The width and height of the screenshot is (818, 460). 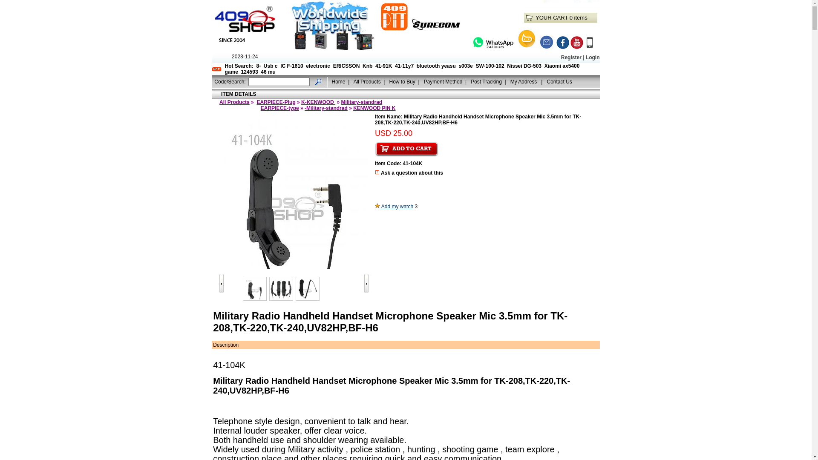 What do you see at coordinates (388, 81) in the screenshot?
I see `'How to Buy'` at bounding box center [388, 81].